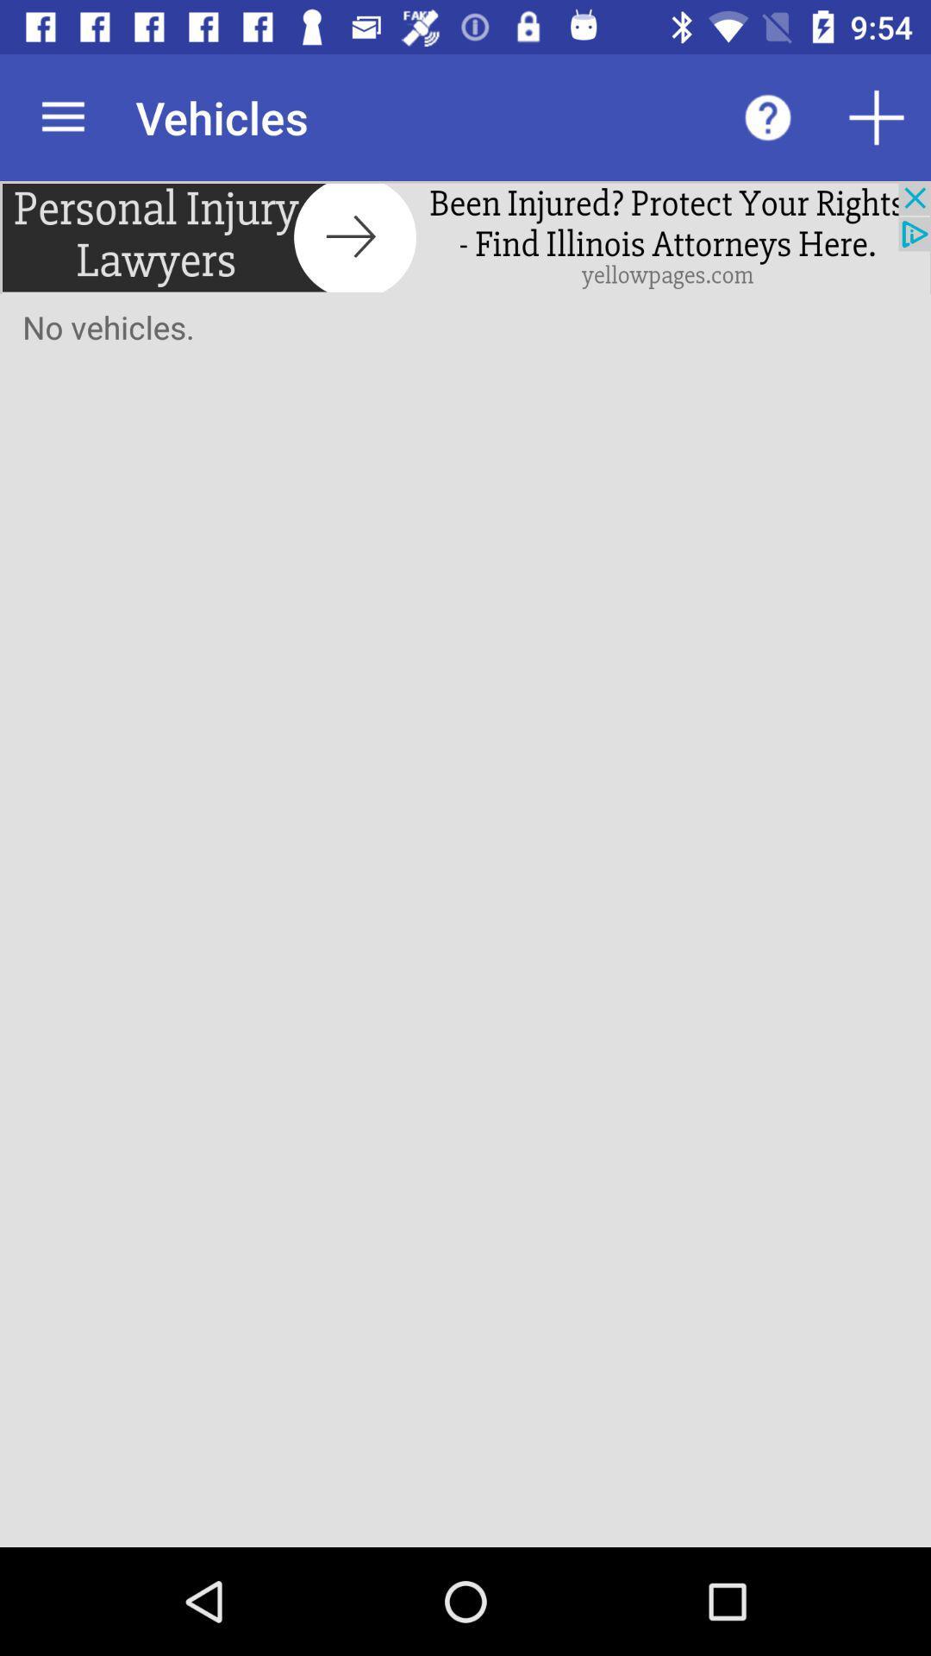 This screenshot has width=931, height=1656. What do you see at coordinates (877, 116) in the screenshot?
I see `item` at bounding box center [877, 116].